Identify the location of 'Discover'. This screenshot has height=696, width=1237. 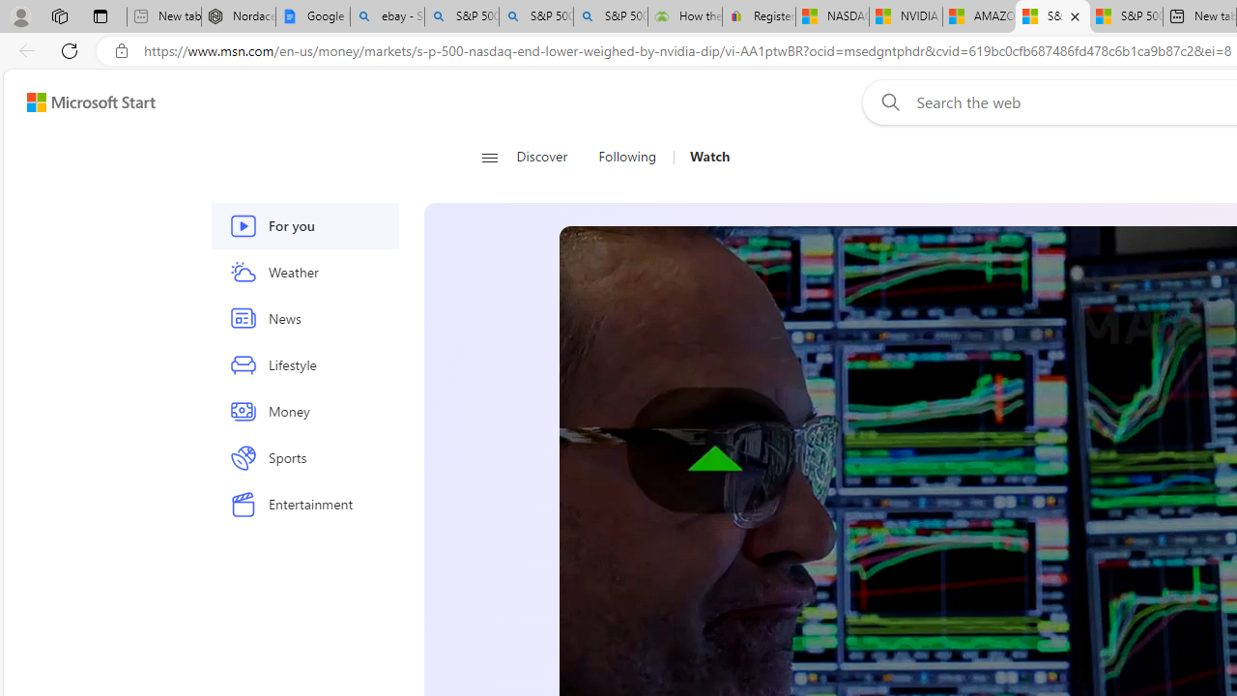
(548, 157).